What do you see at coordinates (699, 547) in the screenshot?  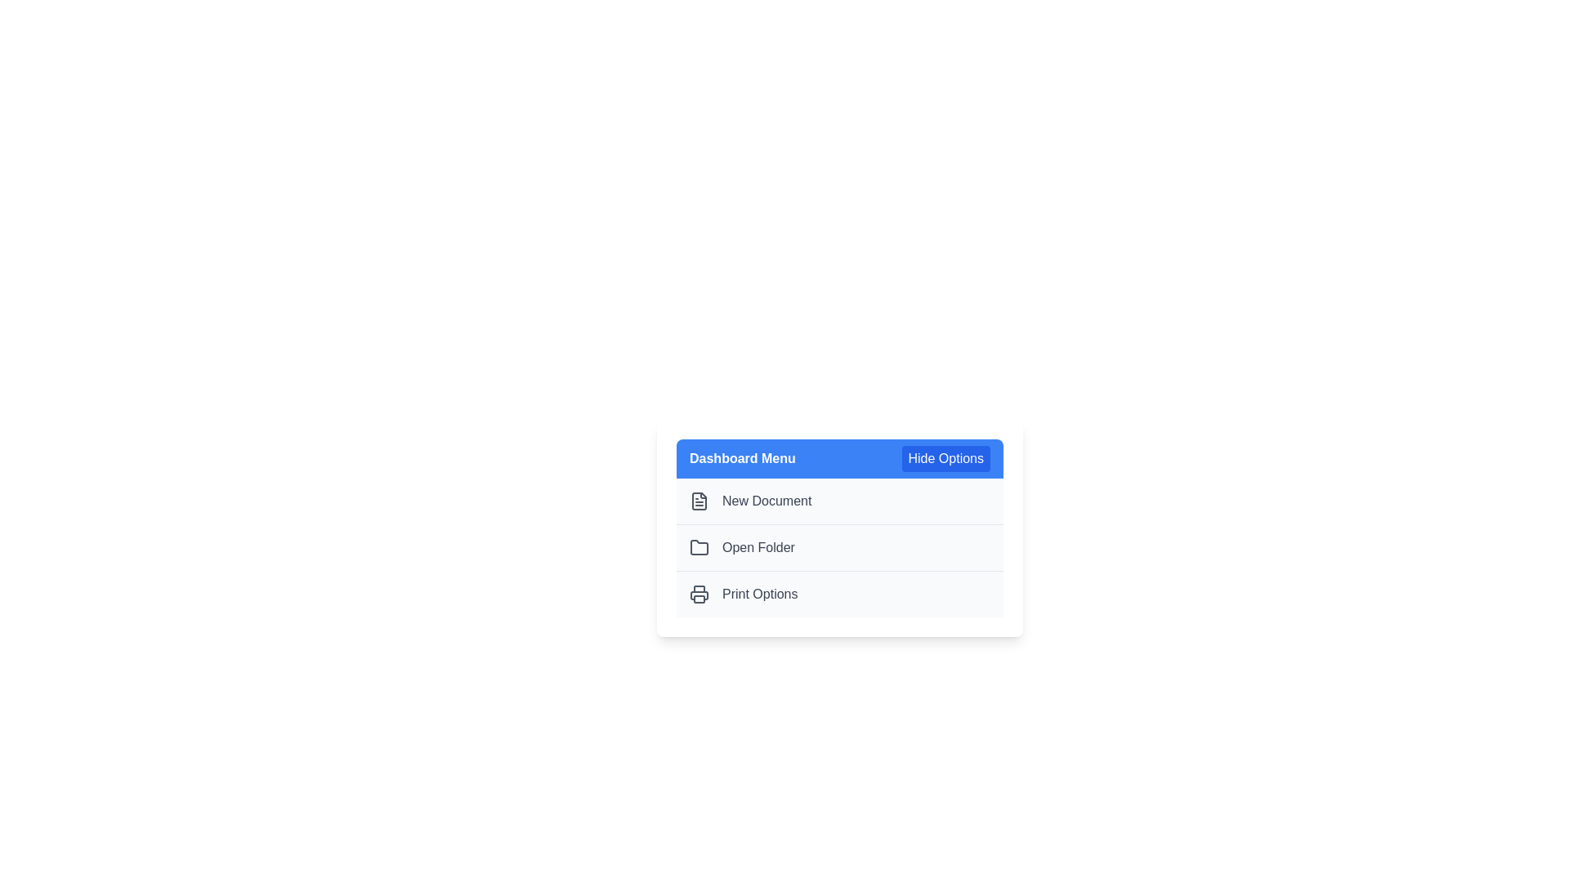 I see `the folder icon located next to the 'Open Folder' text in the vertical menu, which has a light-gray fill and a darker gray outline` at bounding box center [699, 547].